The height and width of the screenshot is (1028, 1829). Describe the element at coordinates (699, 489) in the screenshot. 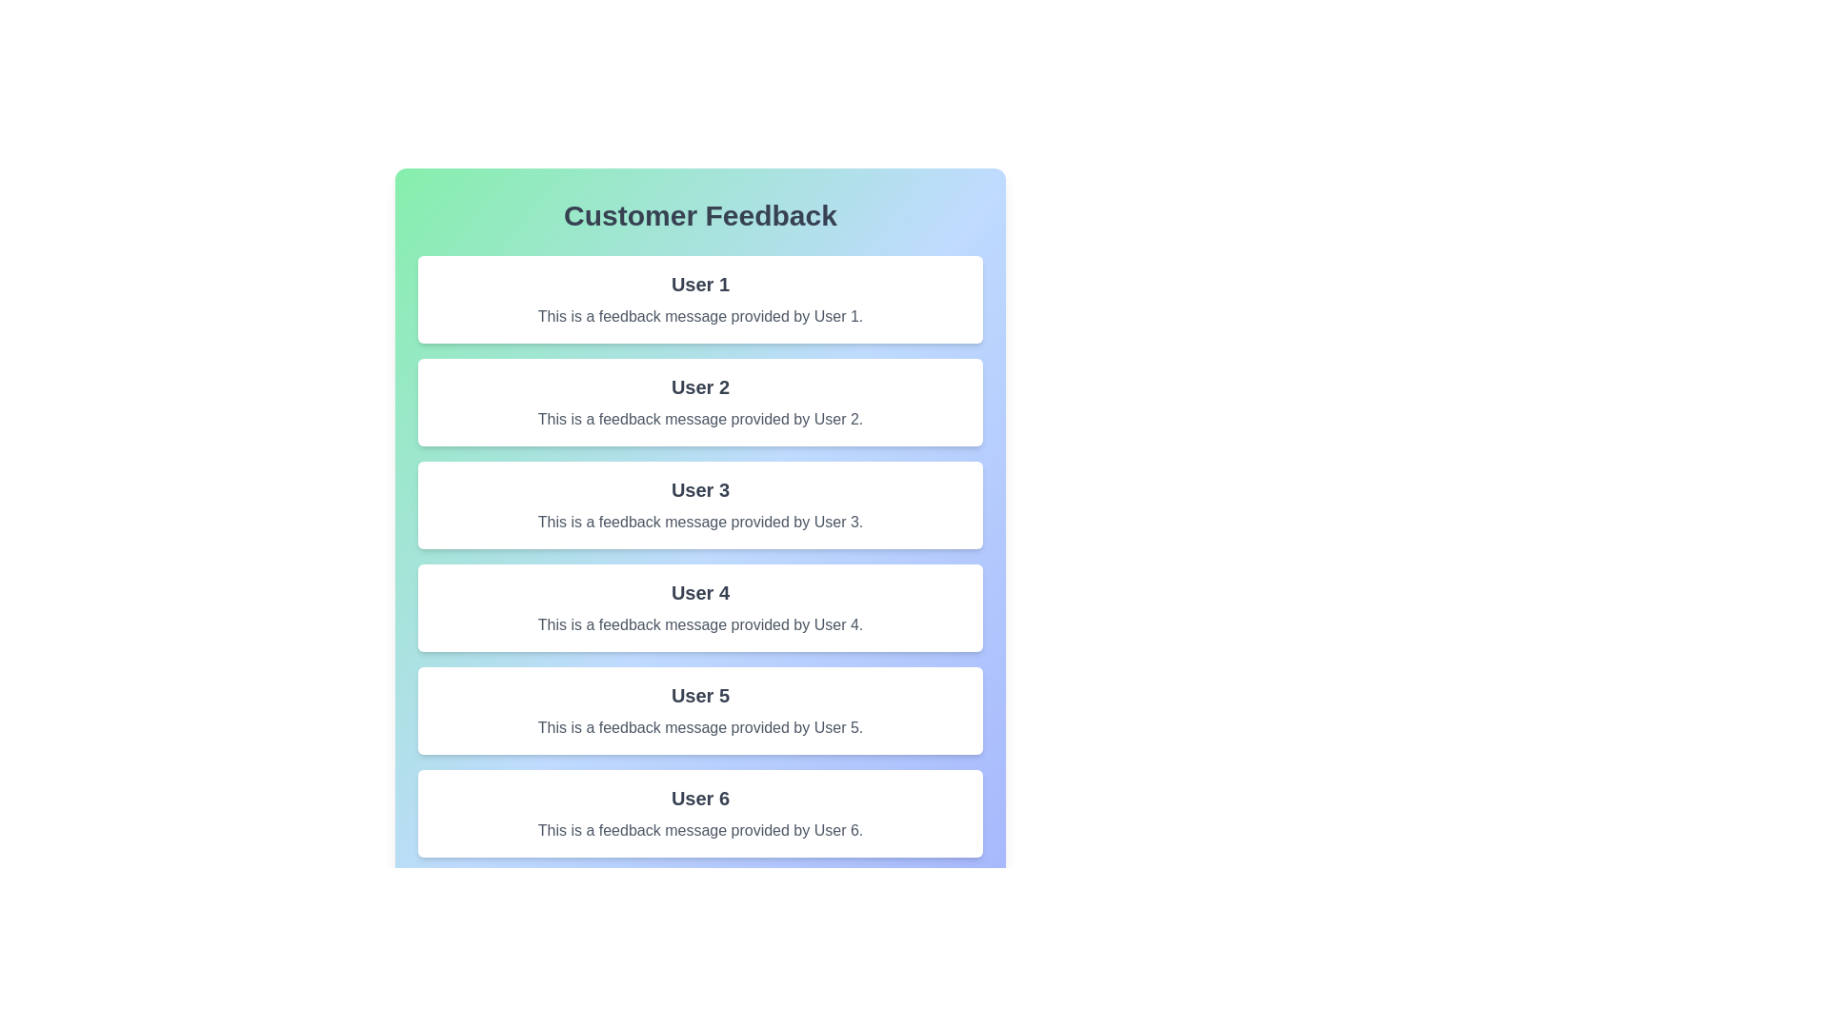

I see `the header text 'User 3', which is a bold and large font label located at the top of the third feedback card in a vertical list` at that location.